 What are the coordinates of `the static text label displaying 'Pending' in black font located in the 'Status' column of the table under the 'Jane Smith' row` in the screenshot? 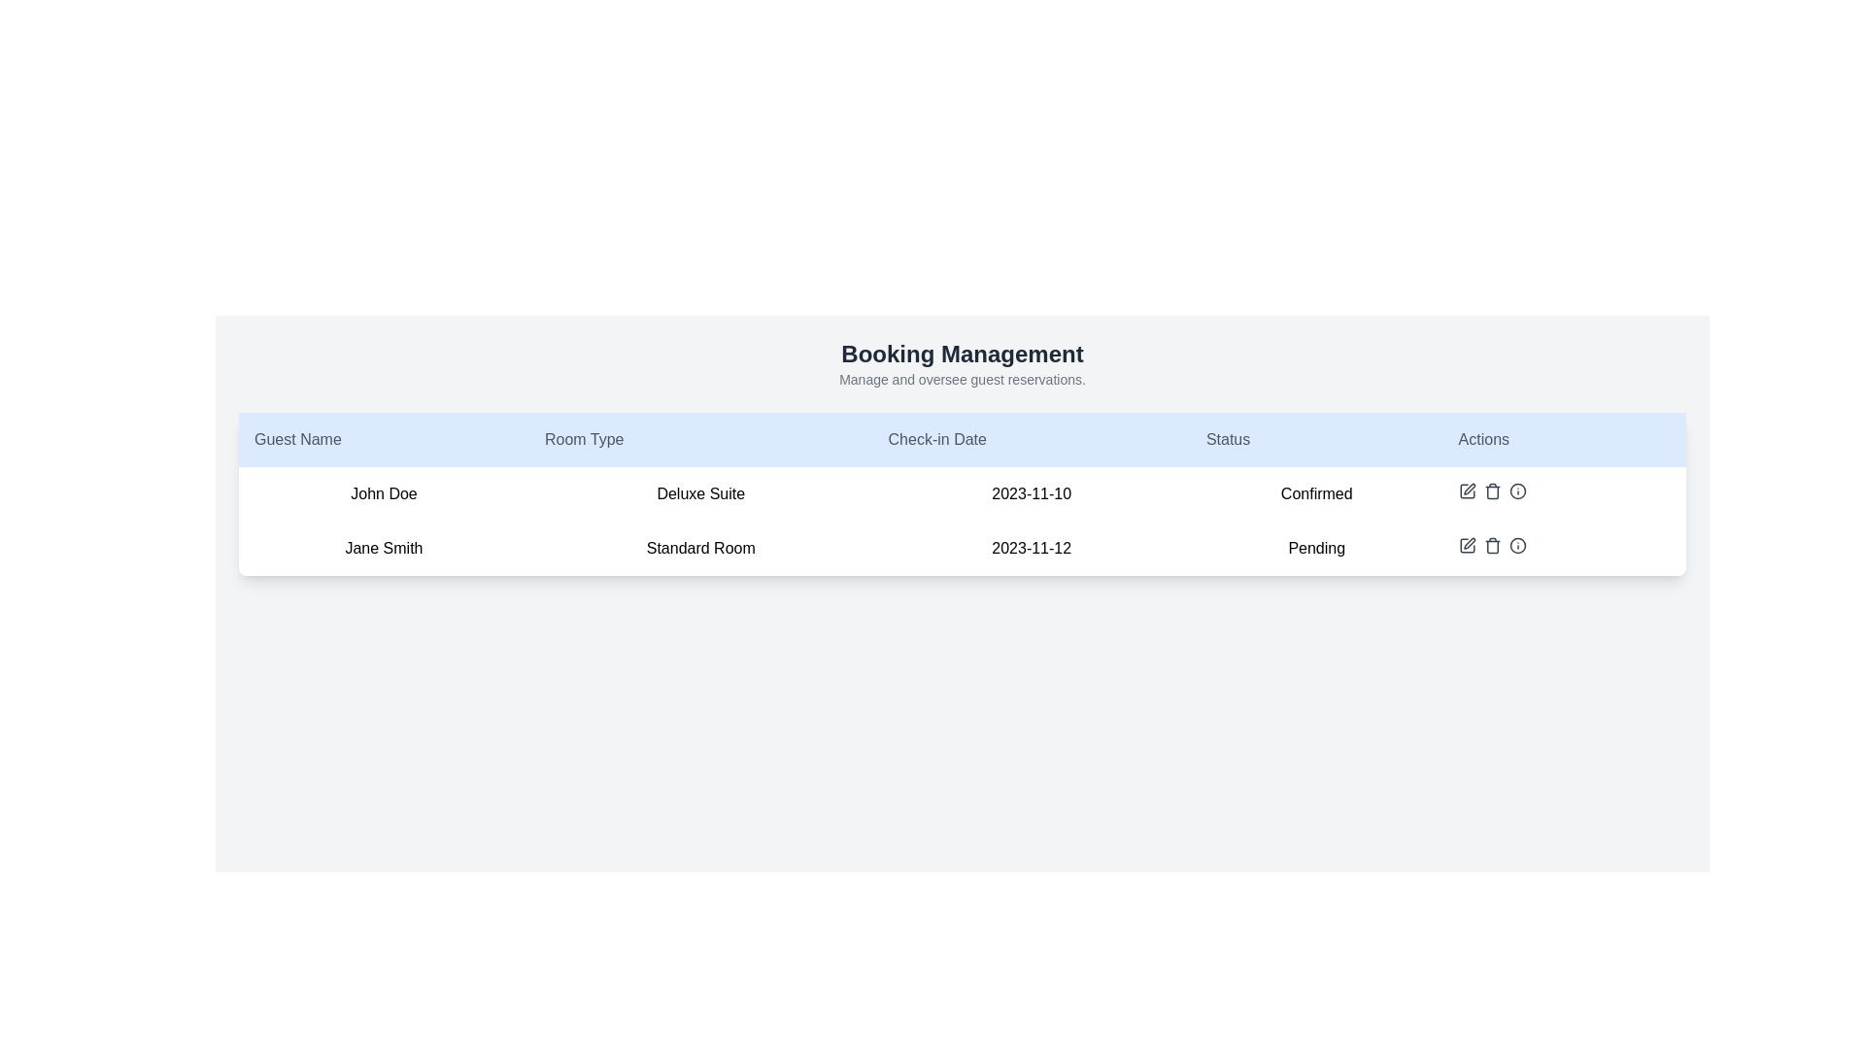 It's located at (1316, 548).